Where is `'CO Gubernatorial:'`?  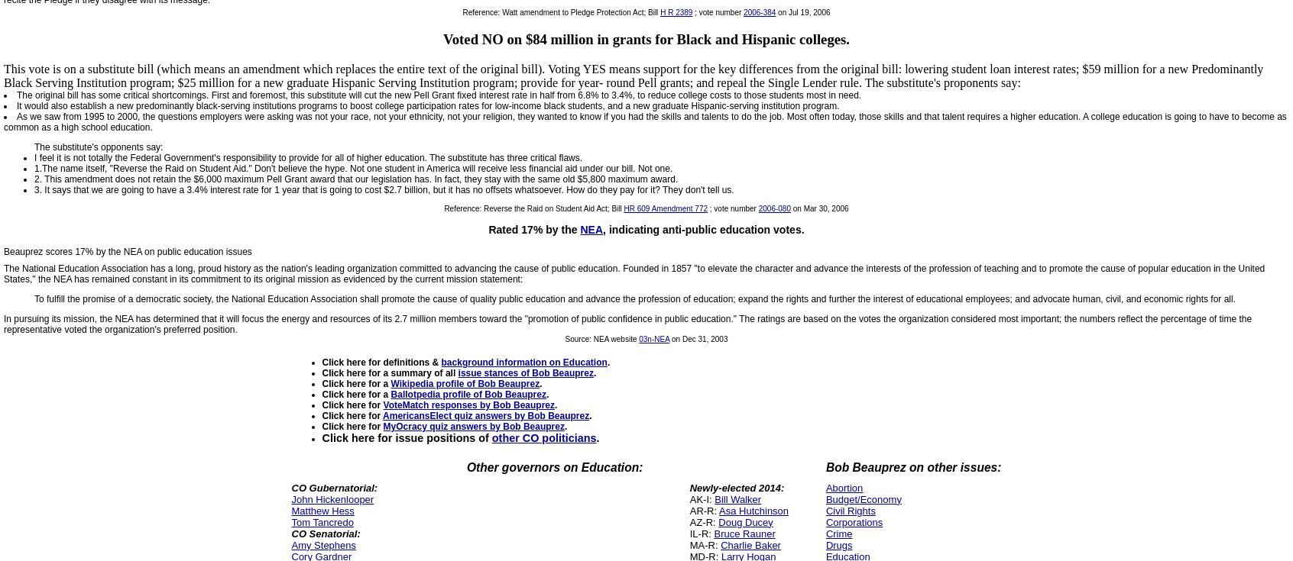 'CO Gubernatorial:' is located at coordinates (333, 486).